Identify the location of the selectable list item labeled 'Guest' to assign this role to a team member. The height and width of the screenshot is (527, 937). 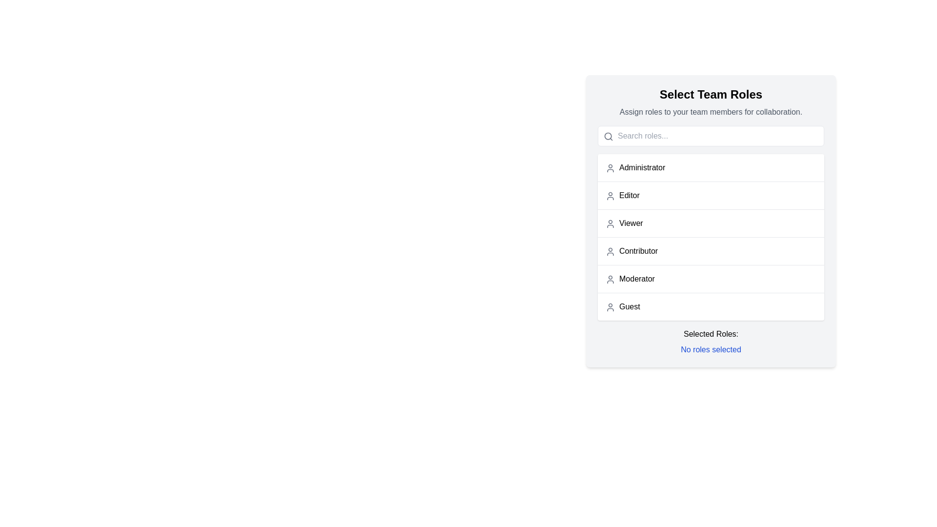
(622, 306).